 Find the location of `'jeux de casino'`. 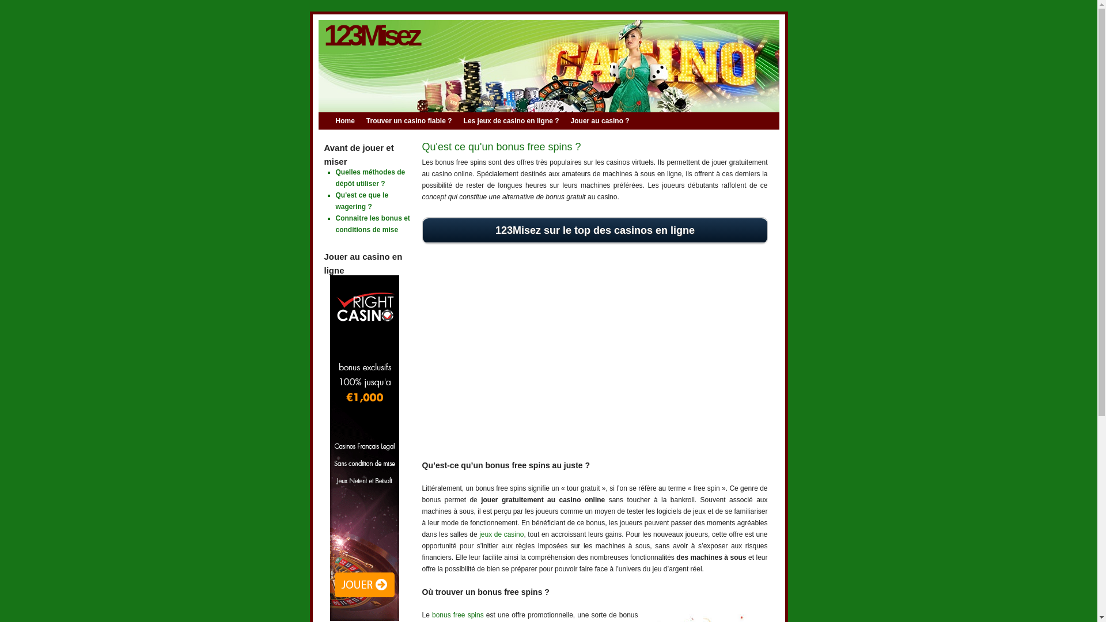

'jeux de casino' is located at coordinates (479, 534).